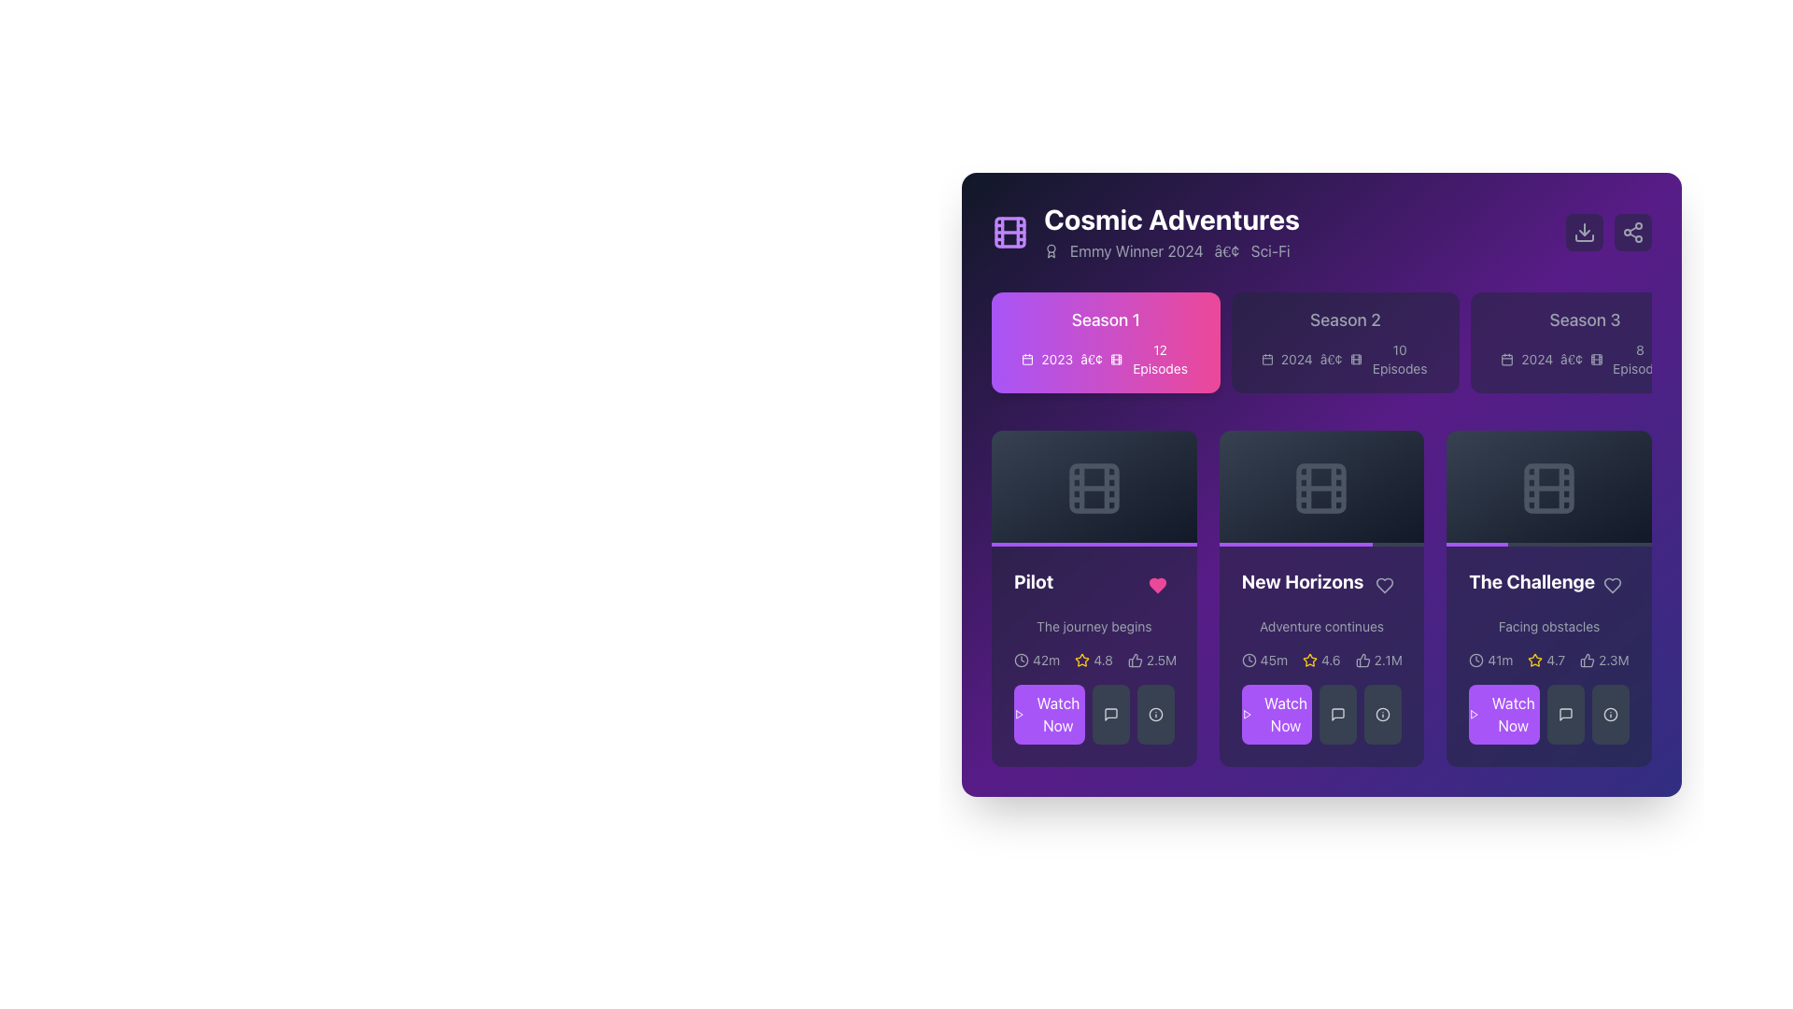 The width and height of the screenshot is (1793, 1009). Describe the element at coordinates (1267, 360) in the screenshot. I see `the rectangular shape with rounded corners located in the top-left corner of the calendar icon that represents seasons and episodes for a TV show` at that location.